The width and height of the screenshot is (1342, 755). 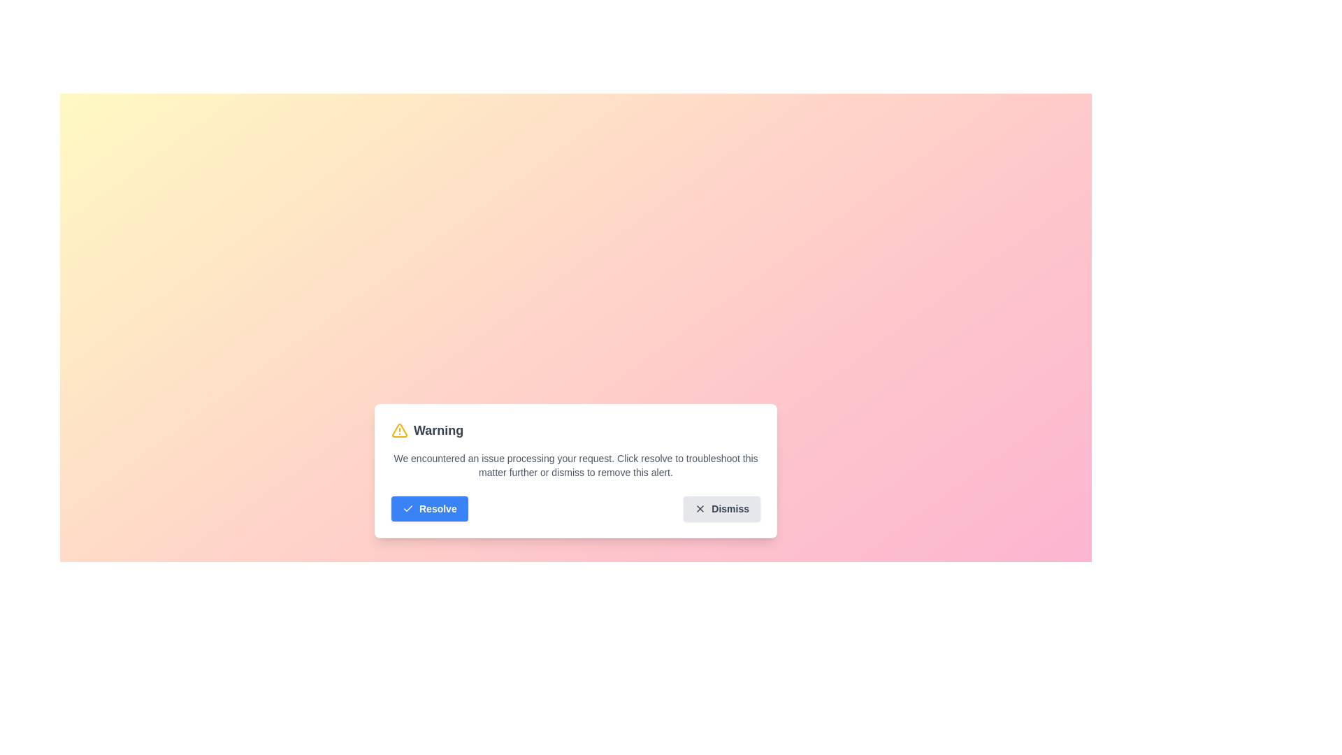 What do you see at coordinates (438, 430) in the screenshot?
I see `the bold, large-sized text stating 'Warning' that is dark gray and positioned next to an alert icon in the warning message` at bounding box center [438, 430].